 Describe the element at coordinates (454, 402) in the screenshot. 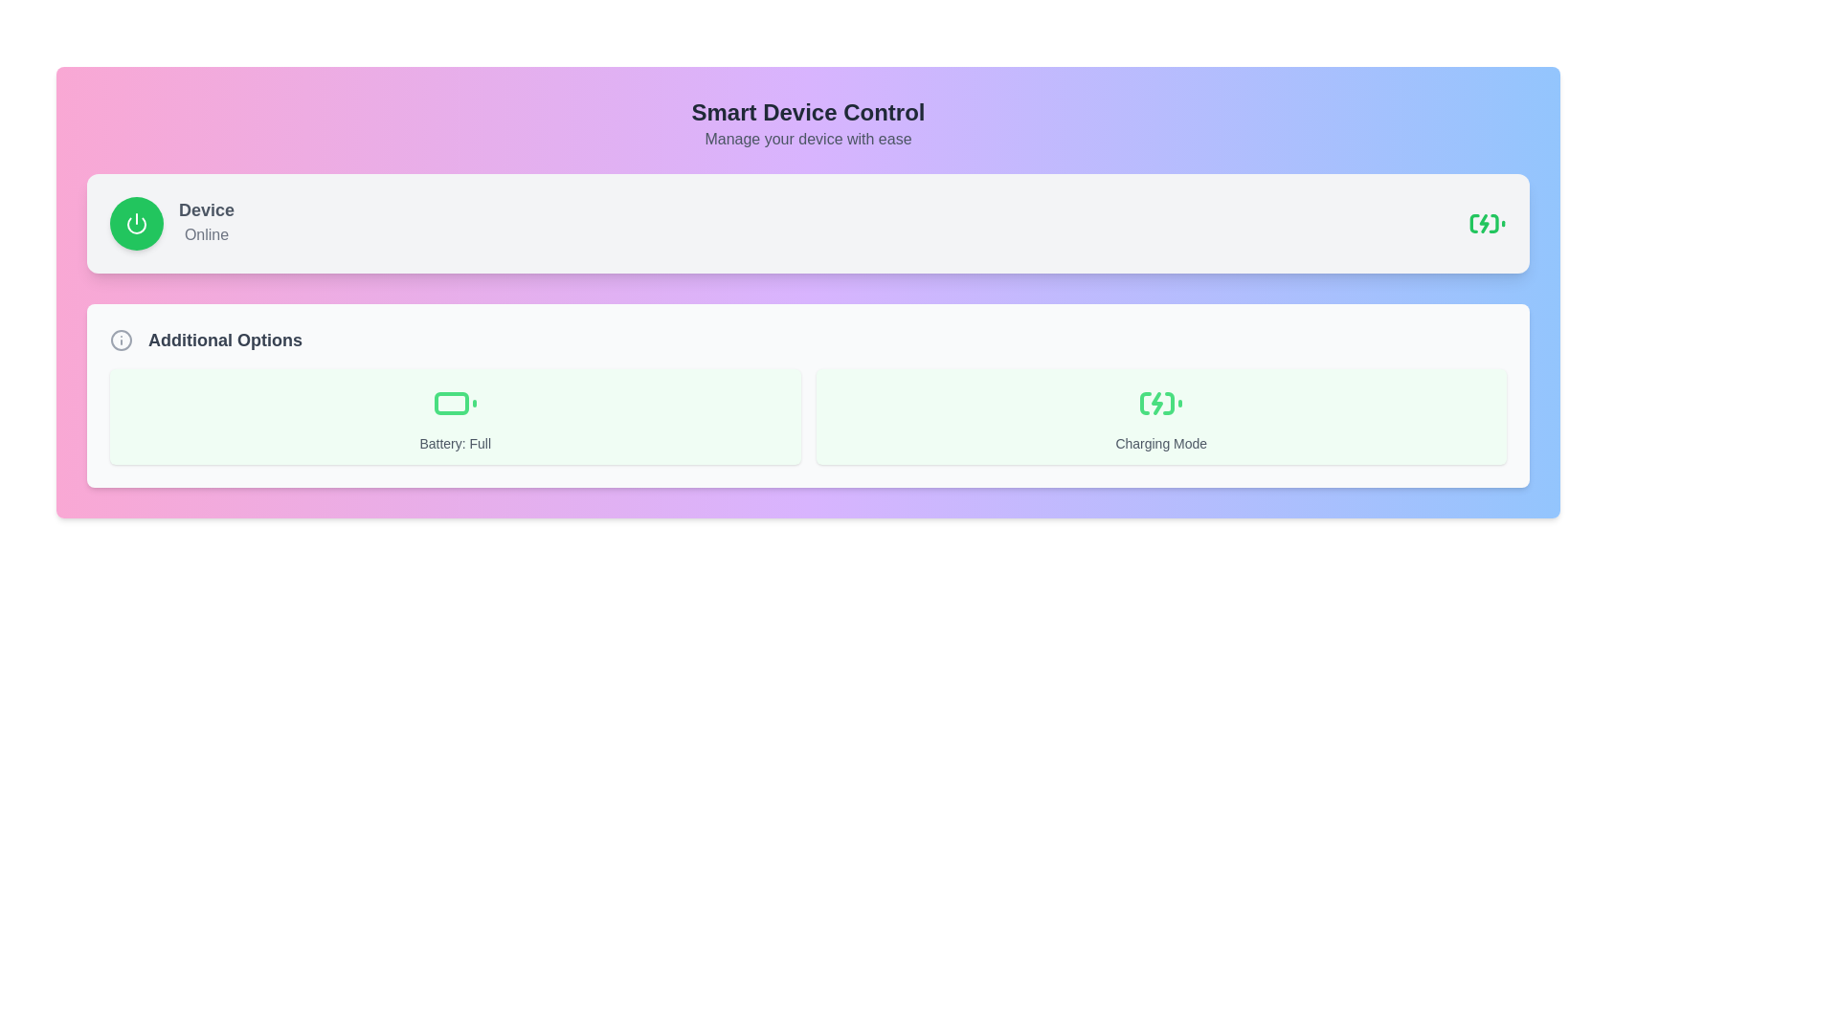

I see `the SVG battery outline icon with a vibrant green stroke, located within the 'Battery: Full' card in the 'Additional Options' section` at that location.